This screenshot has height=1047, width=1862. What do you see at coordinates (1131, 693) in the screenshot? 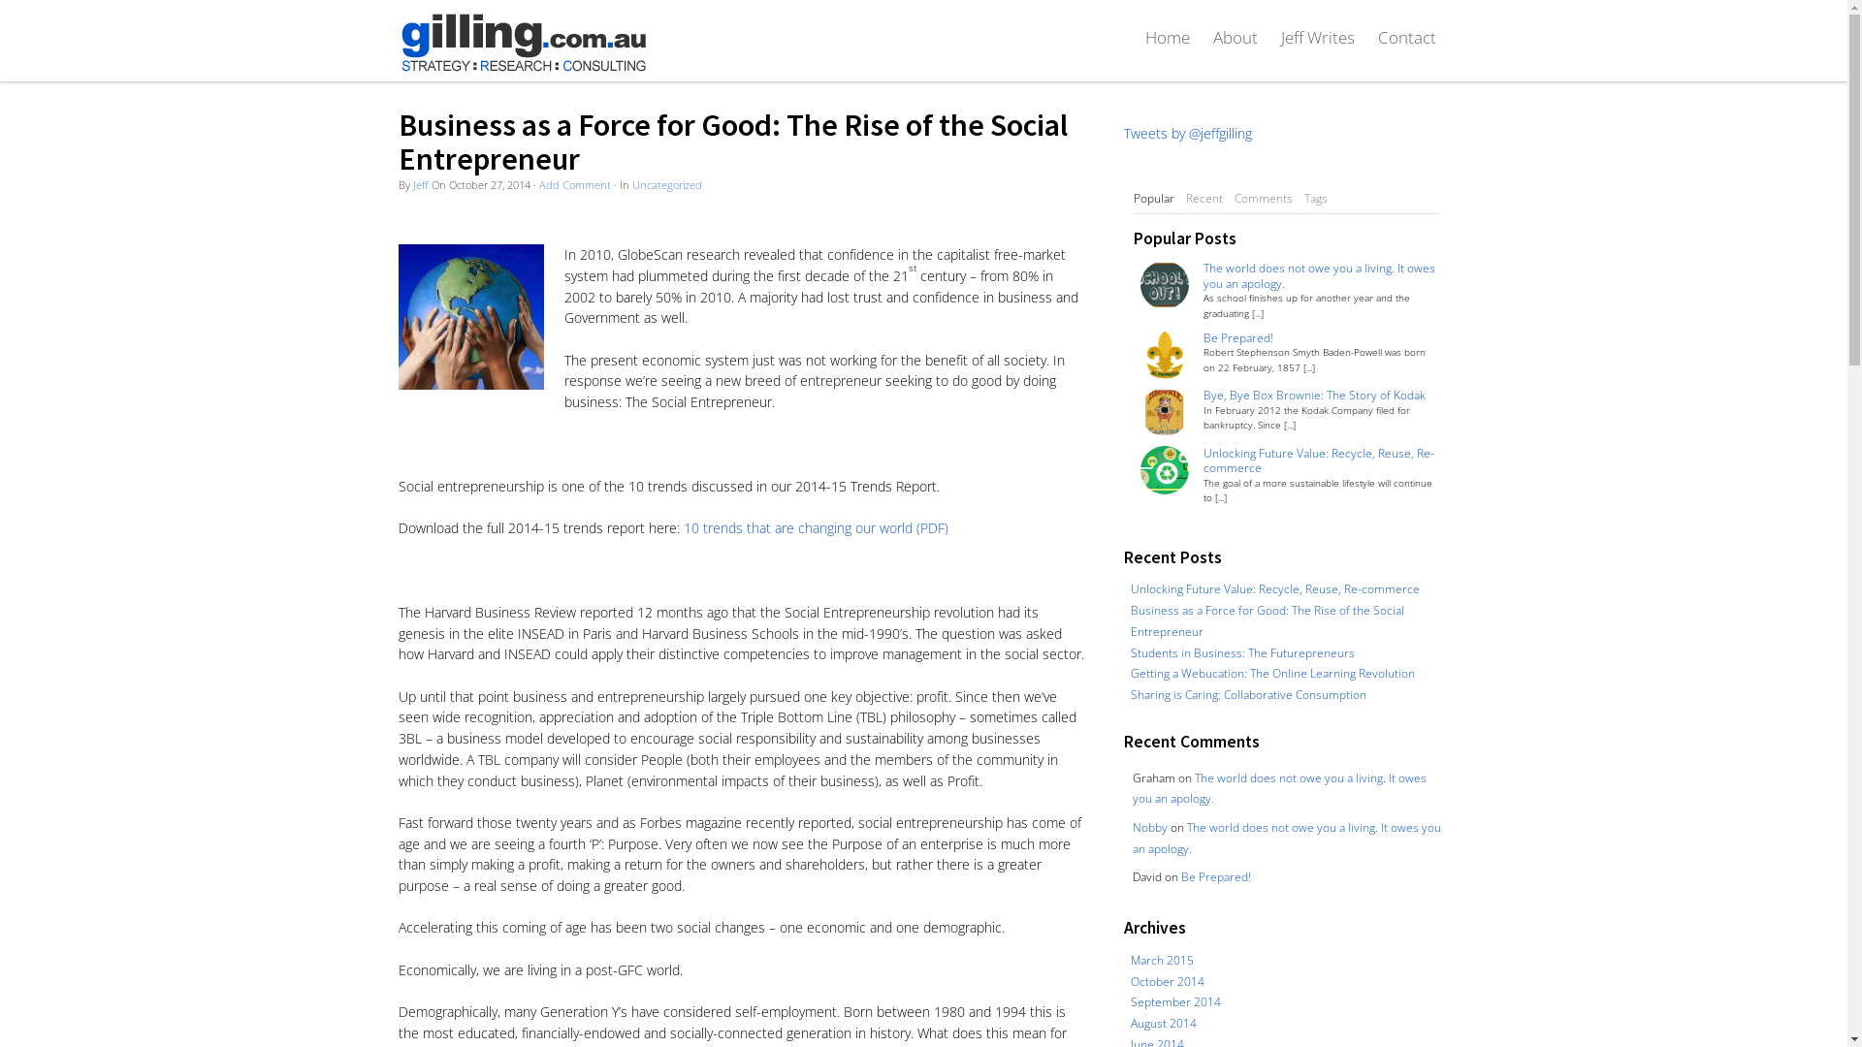
I see `'Sharing is Caring: Collaborative Consumption'` at bounding box center [1131, 693].